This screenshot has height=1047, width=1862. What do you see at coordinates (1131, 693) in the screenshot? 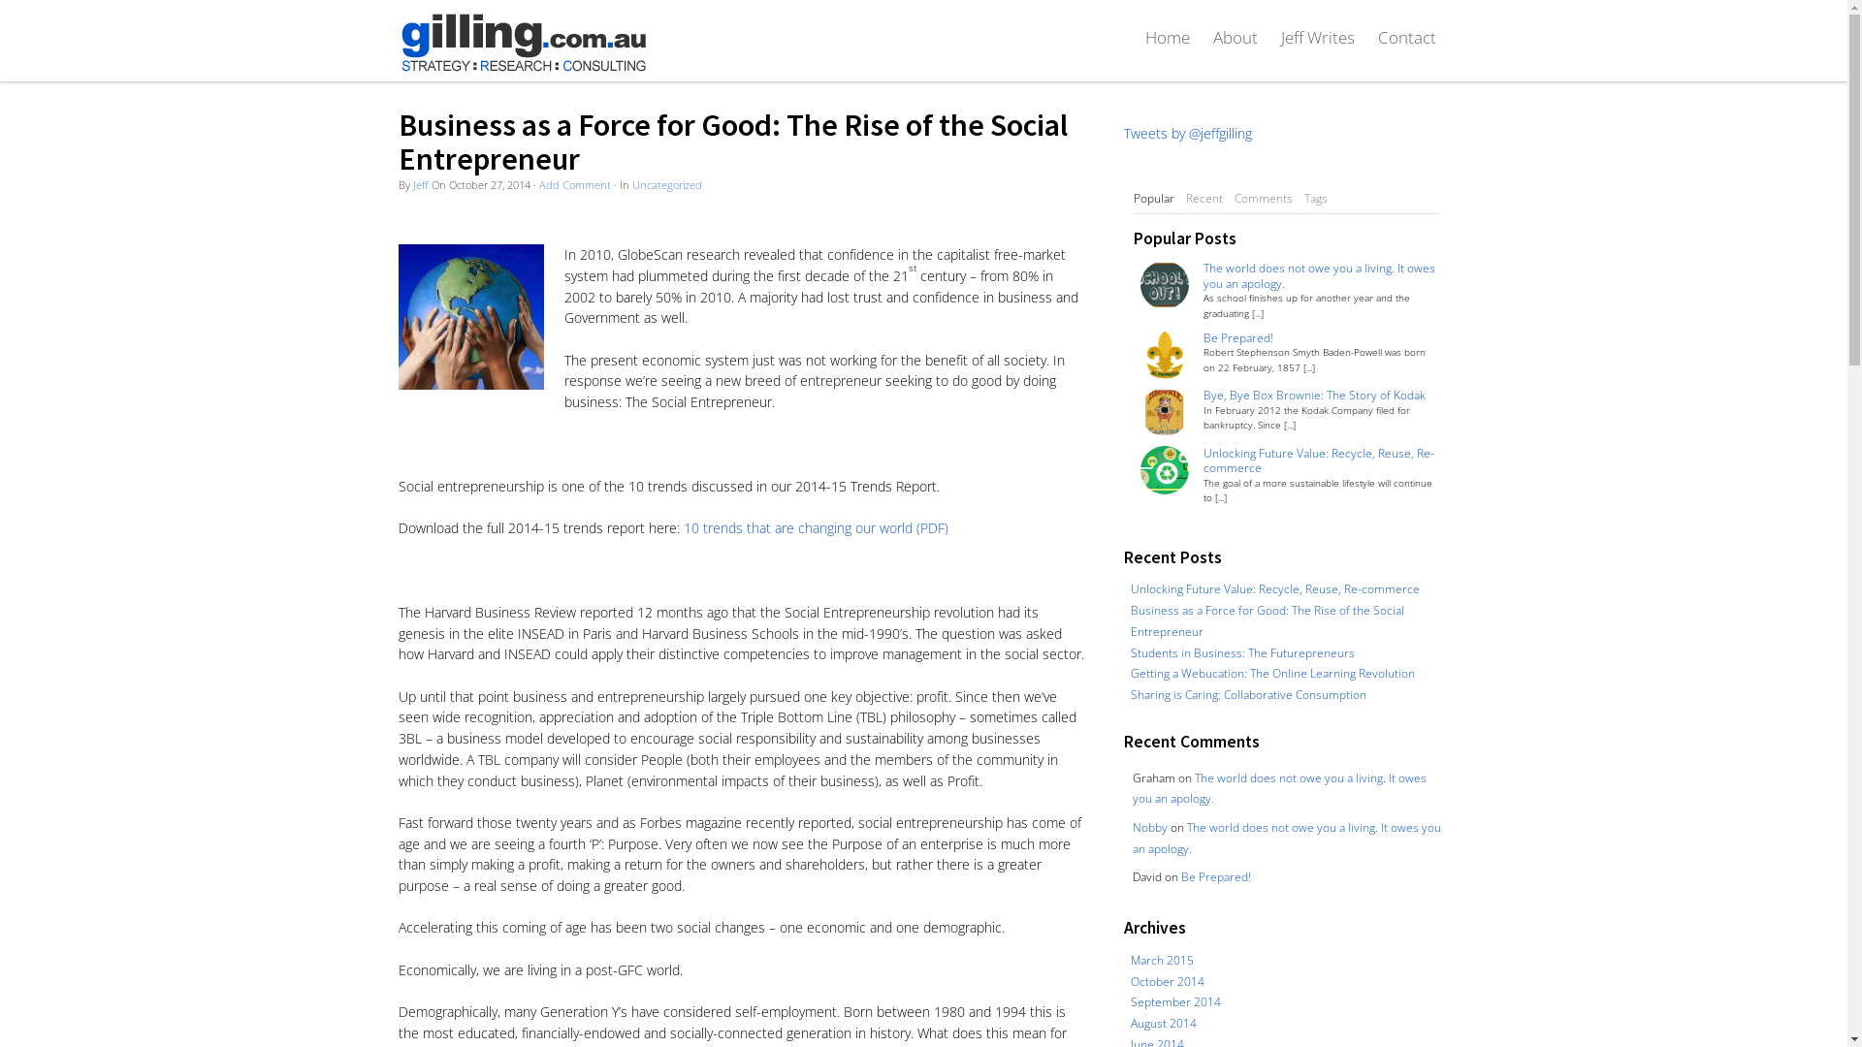
I see `'Sharing is Caring: Collaborative Consumption'` at bounding box center [1131, 693].